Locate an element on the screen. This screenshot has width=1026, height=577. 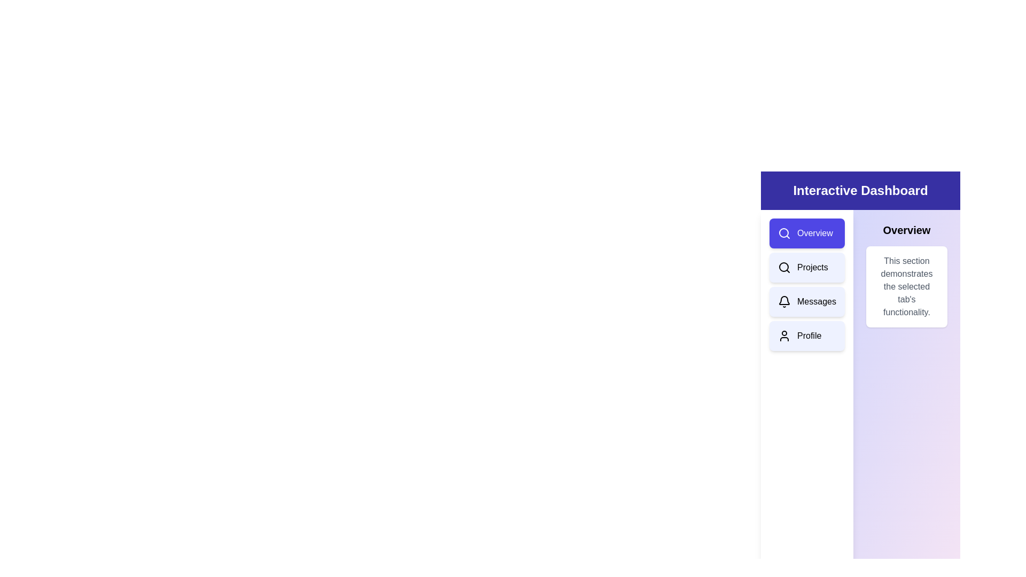
the rectangular button with soft rounded corners, light indigo background, magnifying glass icon, and 'Projects' text is located at coordinates (807, 267).